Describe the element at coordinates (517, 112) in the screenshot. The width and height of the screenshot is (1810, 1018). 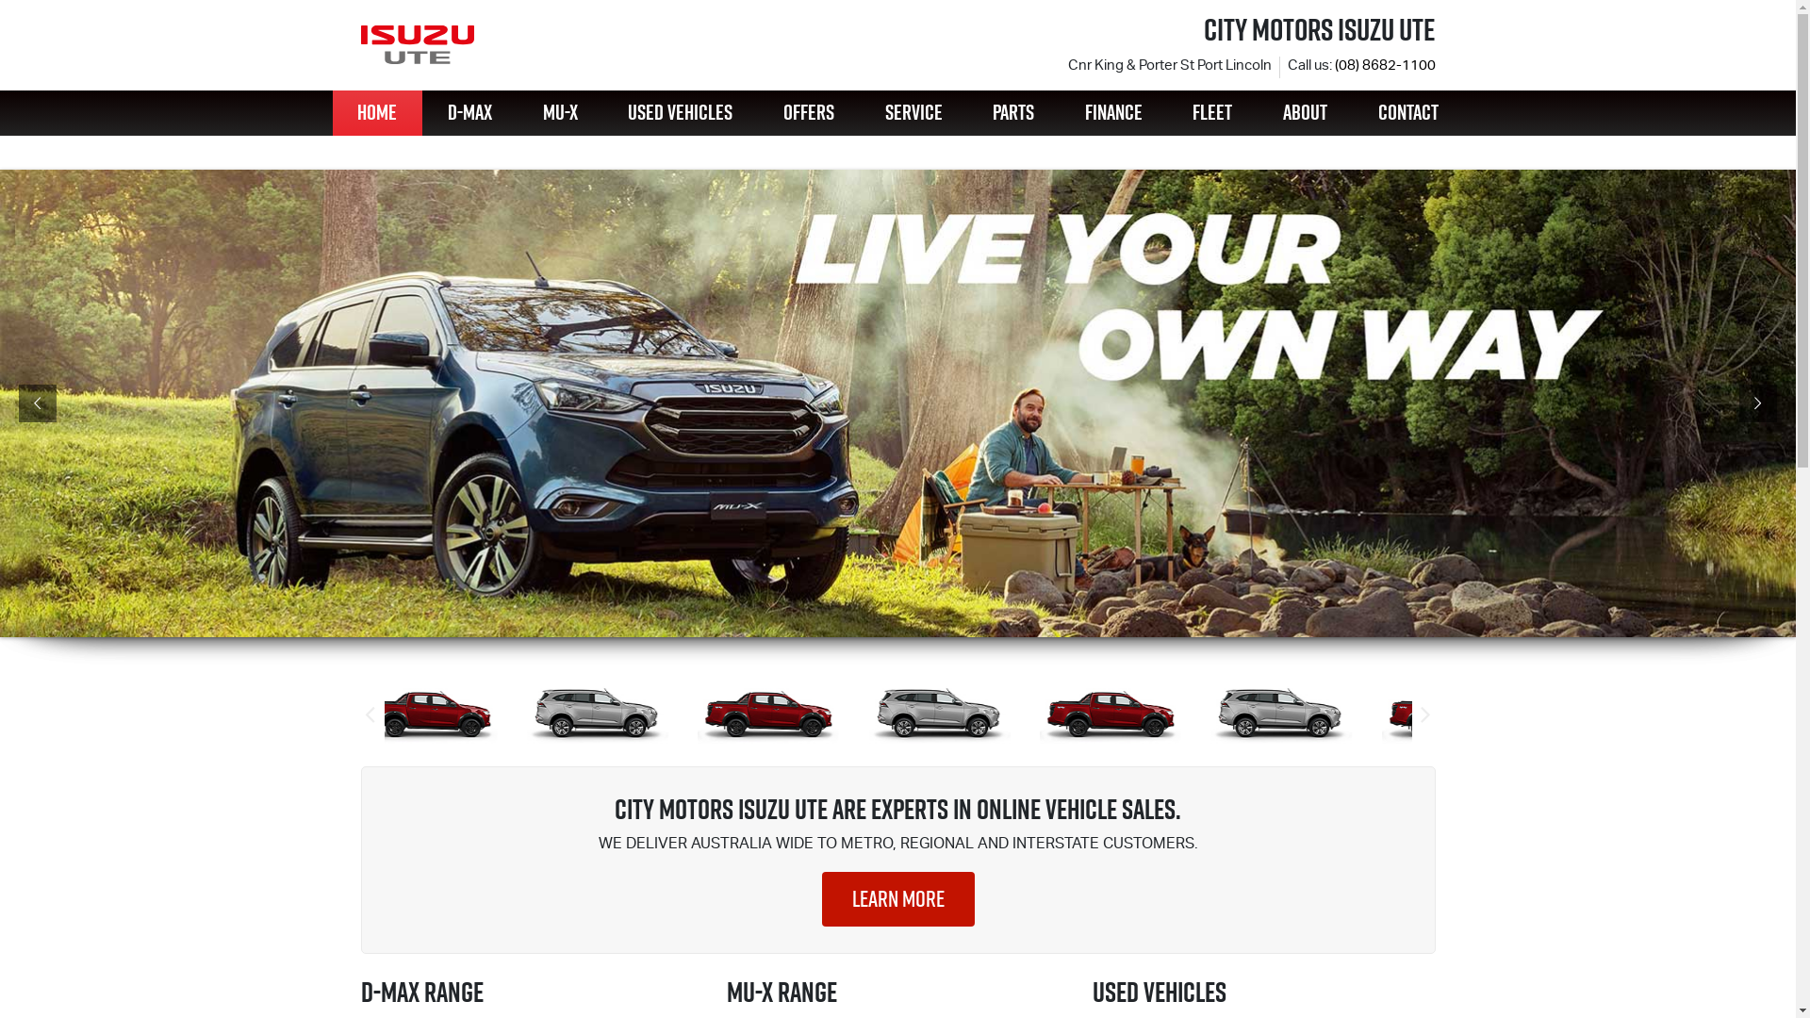
I see `'MU-X'` at that location.